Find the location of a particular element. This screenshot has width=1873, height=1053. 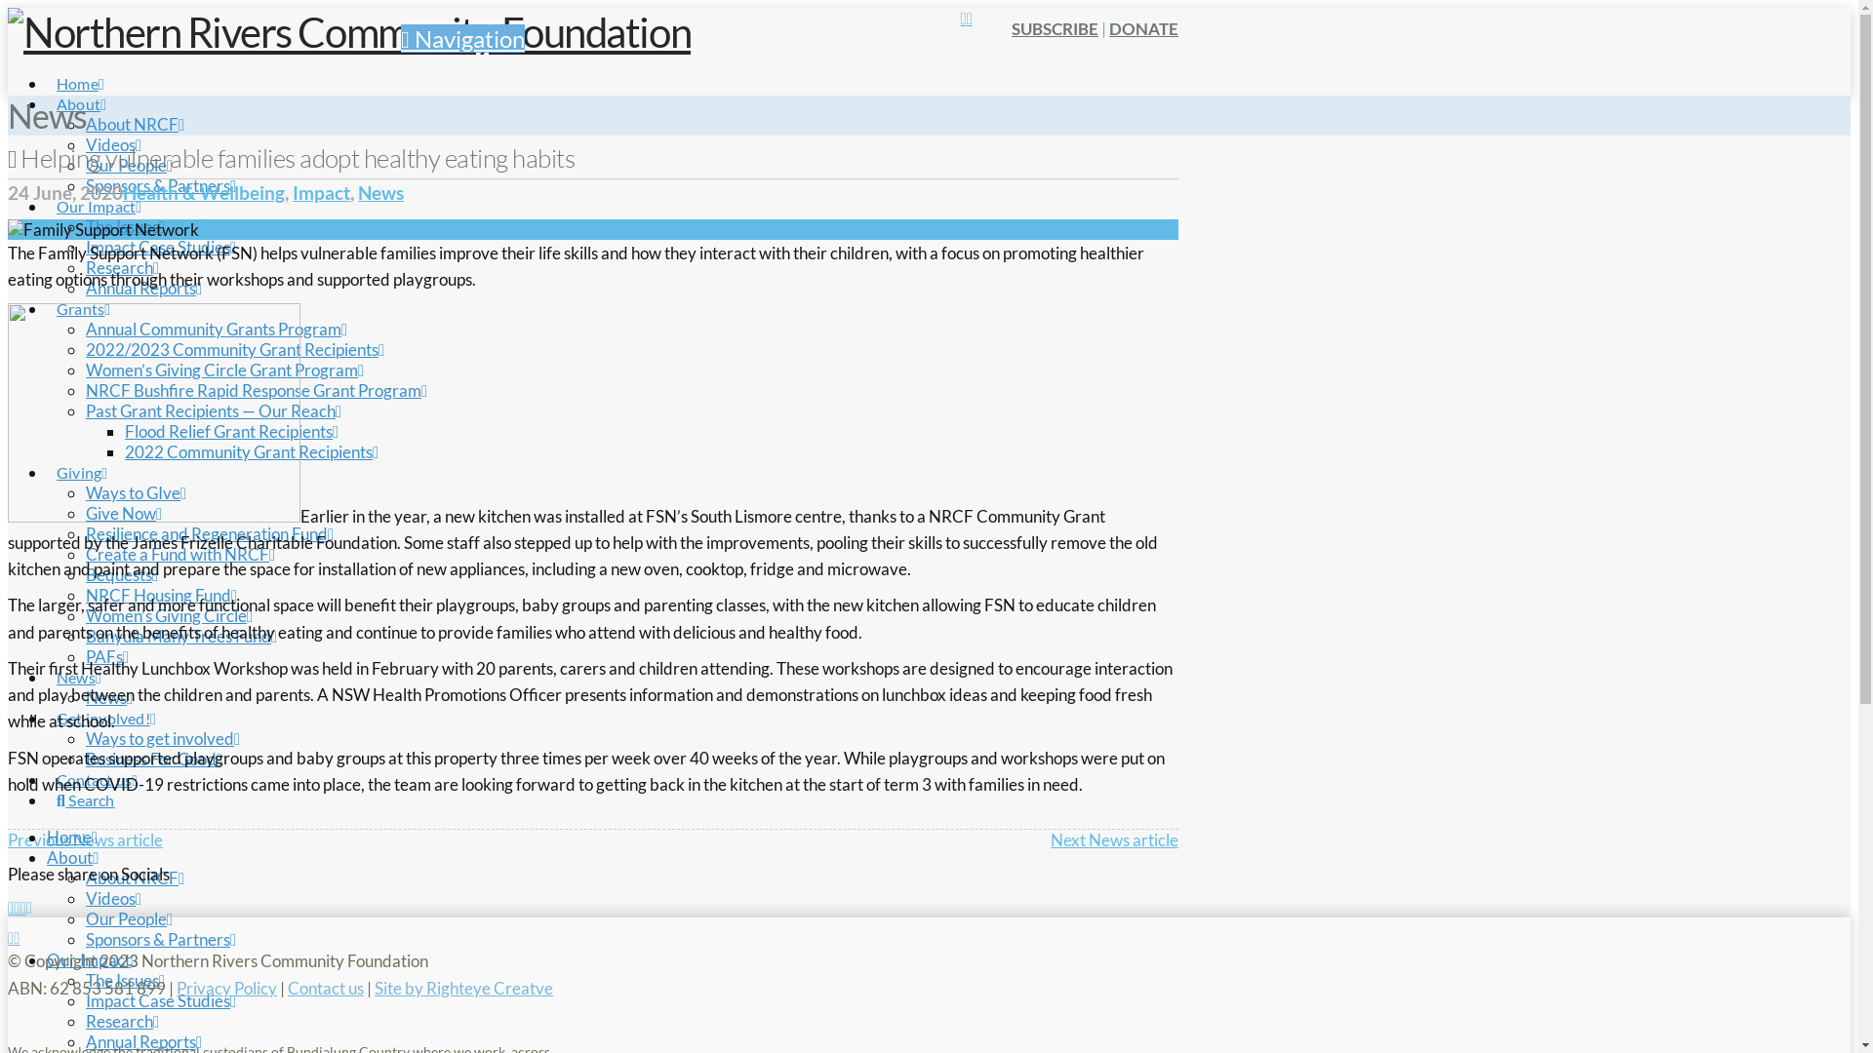

'Navigation' is located at coordinates (461, 38).